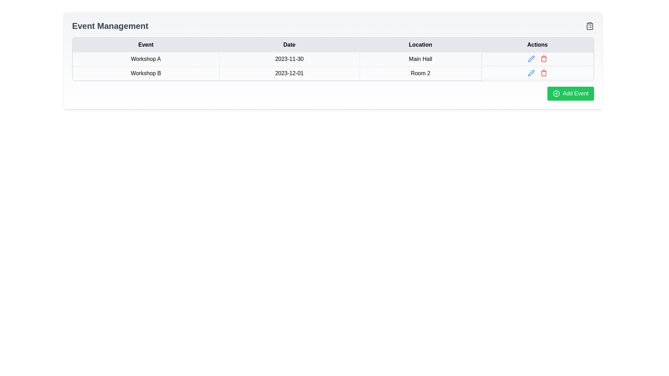  Describe the element at coordinates (145, 58) in the screenshot. I see `the text label displaying 'Workshop A' located in the first cell of the first row in the 'Event' column` at that location.